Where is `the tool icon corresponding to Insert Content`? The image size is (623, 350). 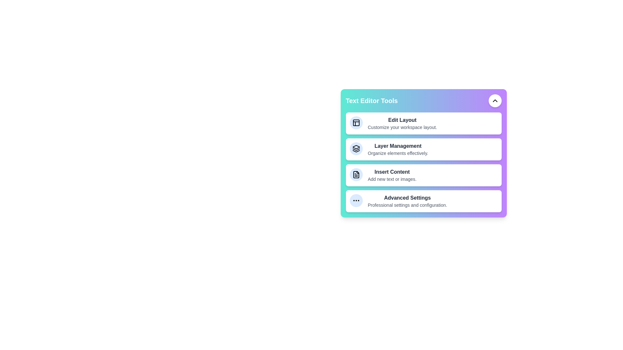 the tool icon corresponding to Insert Content is located at coordinates (356, 174).